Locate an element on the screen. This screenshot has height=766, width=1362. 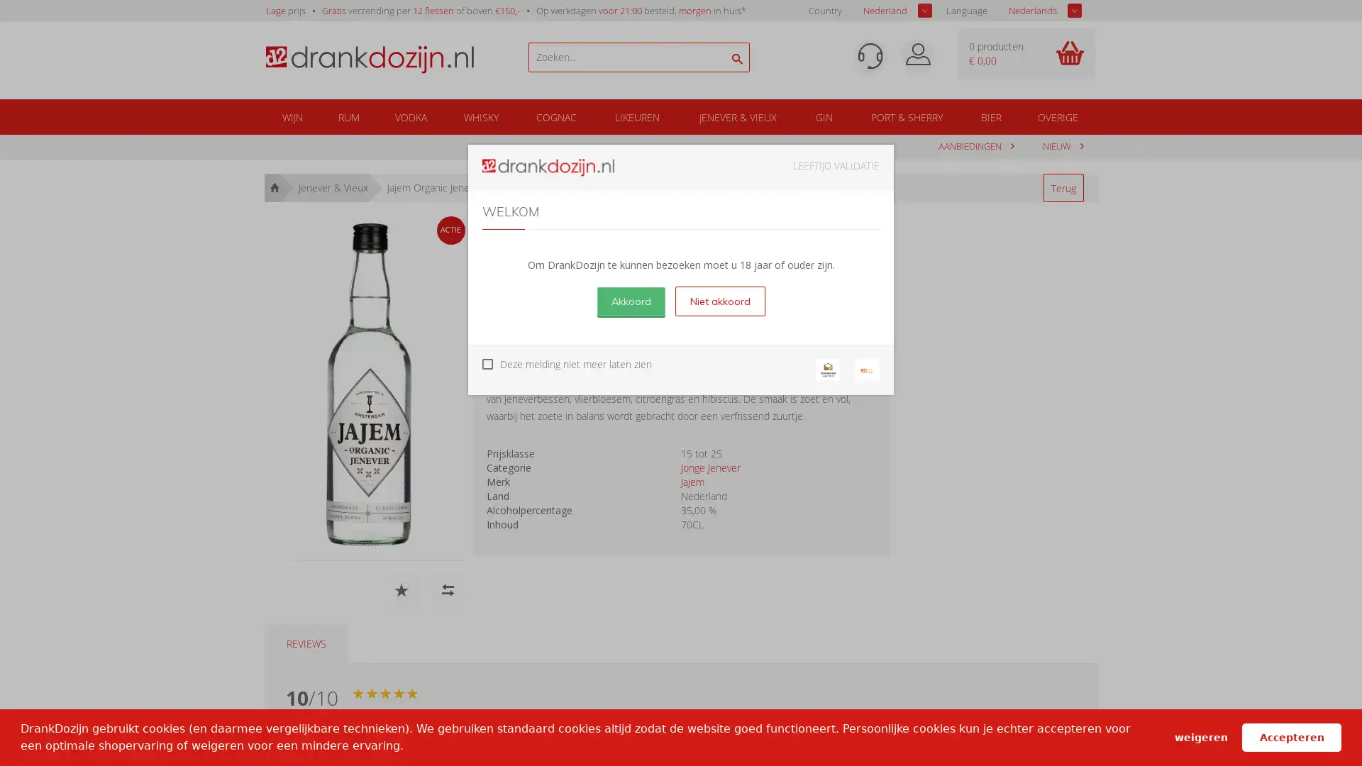
deny cookies is located at coordinates (1200, 736).